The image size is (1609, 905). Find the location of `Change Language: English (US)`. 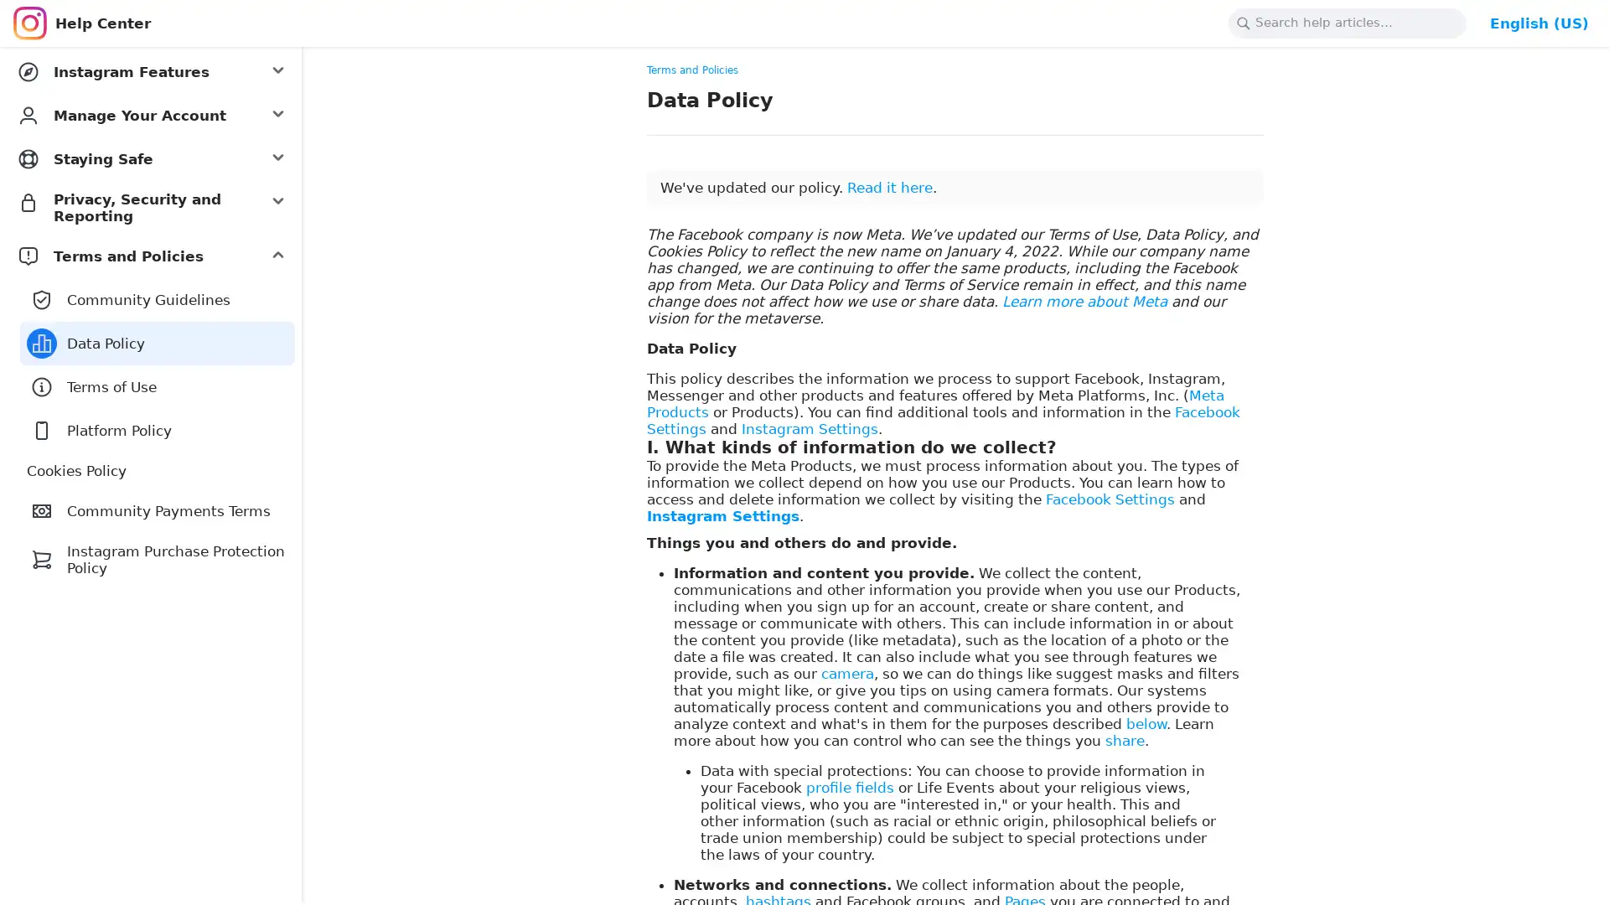

Change Language: English (US) is located at coordinates (1539, 23).